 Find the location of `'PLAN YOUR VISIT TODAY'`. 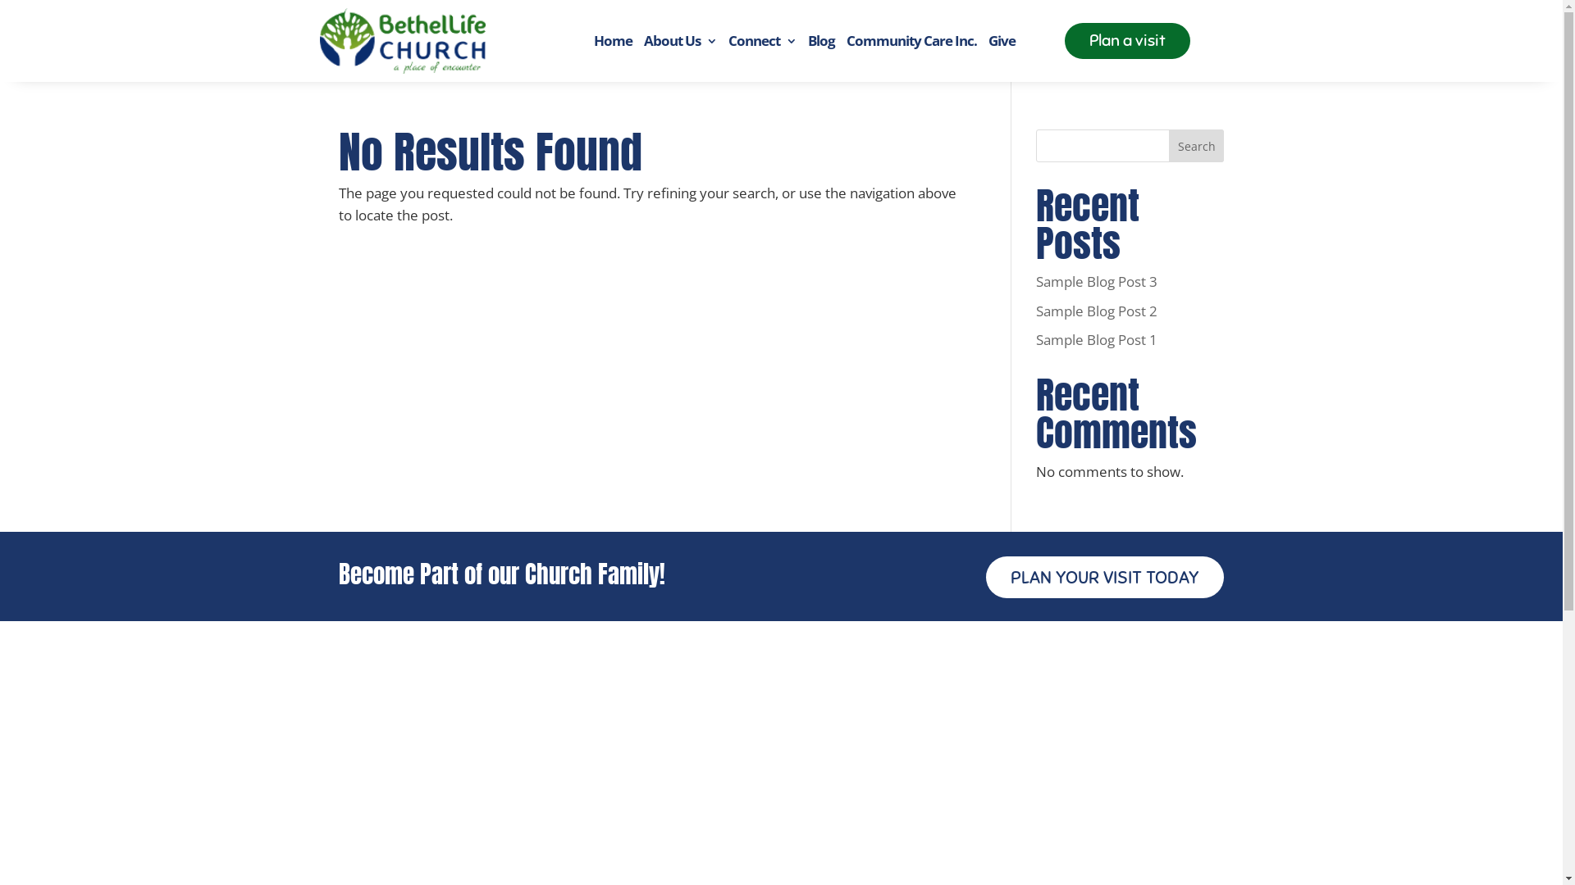

'PLAN YOUR VISIT TODAY' is located at coordinates (1105, 576).